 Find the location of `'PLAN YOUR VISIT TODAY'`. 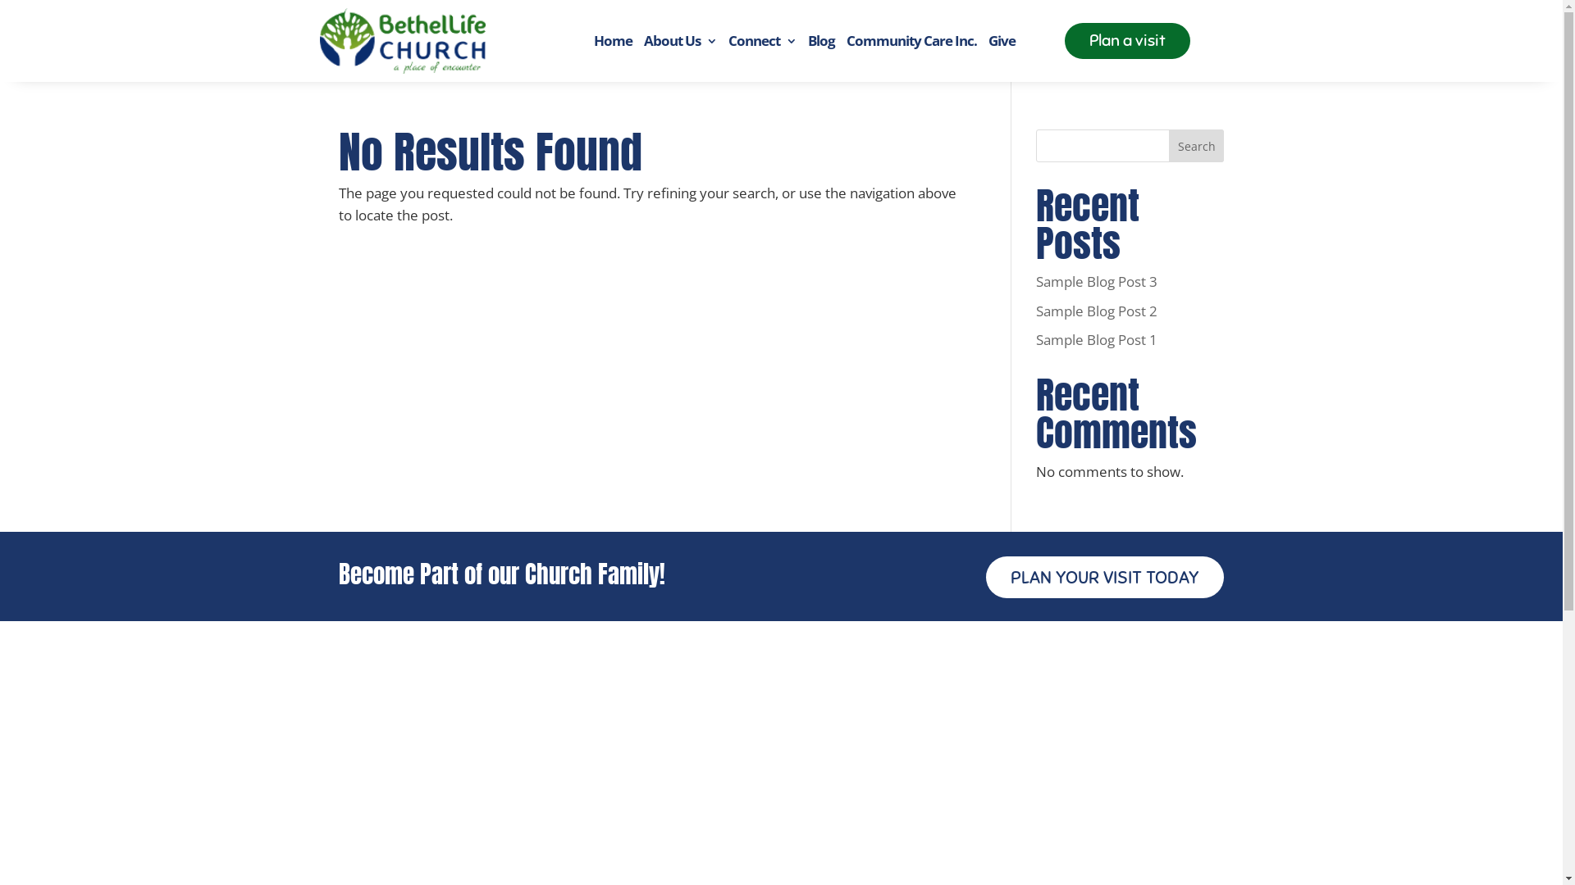

'PLAN YOUR VISIT TODAY' is located at coordinates (1105, 576).